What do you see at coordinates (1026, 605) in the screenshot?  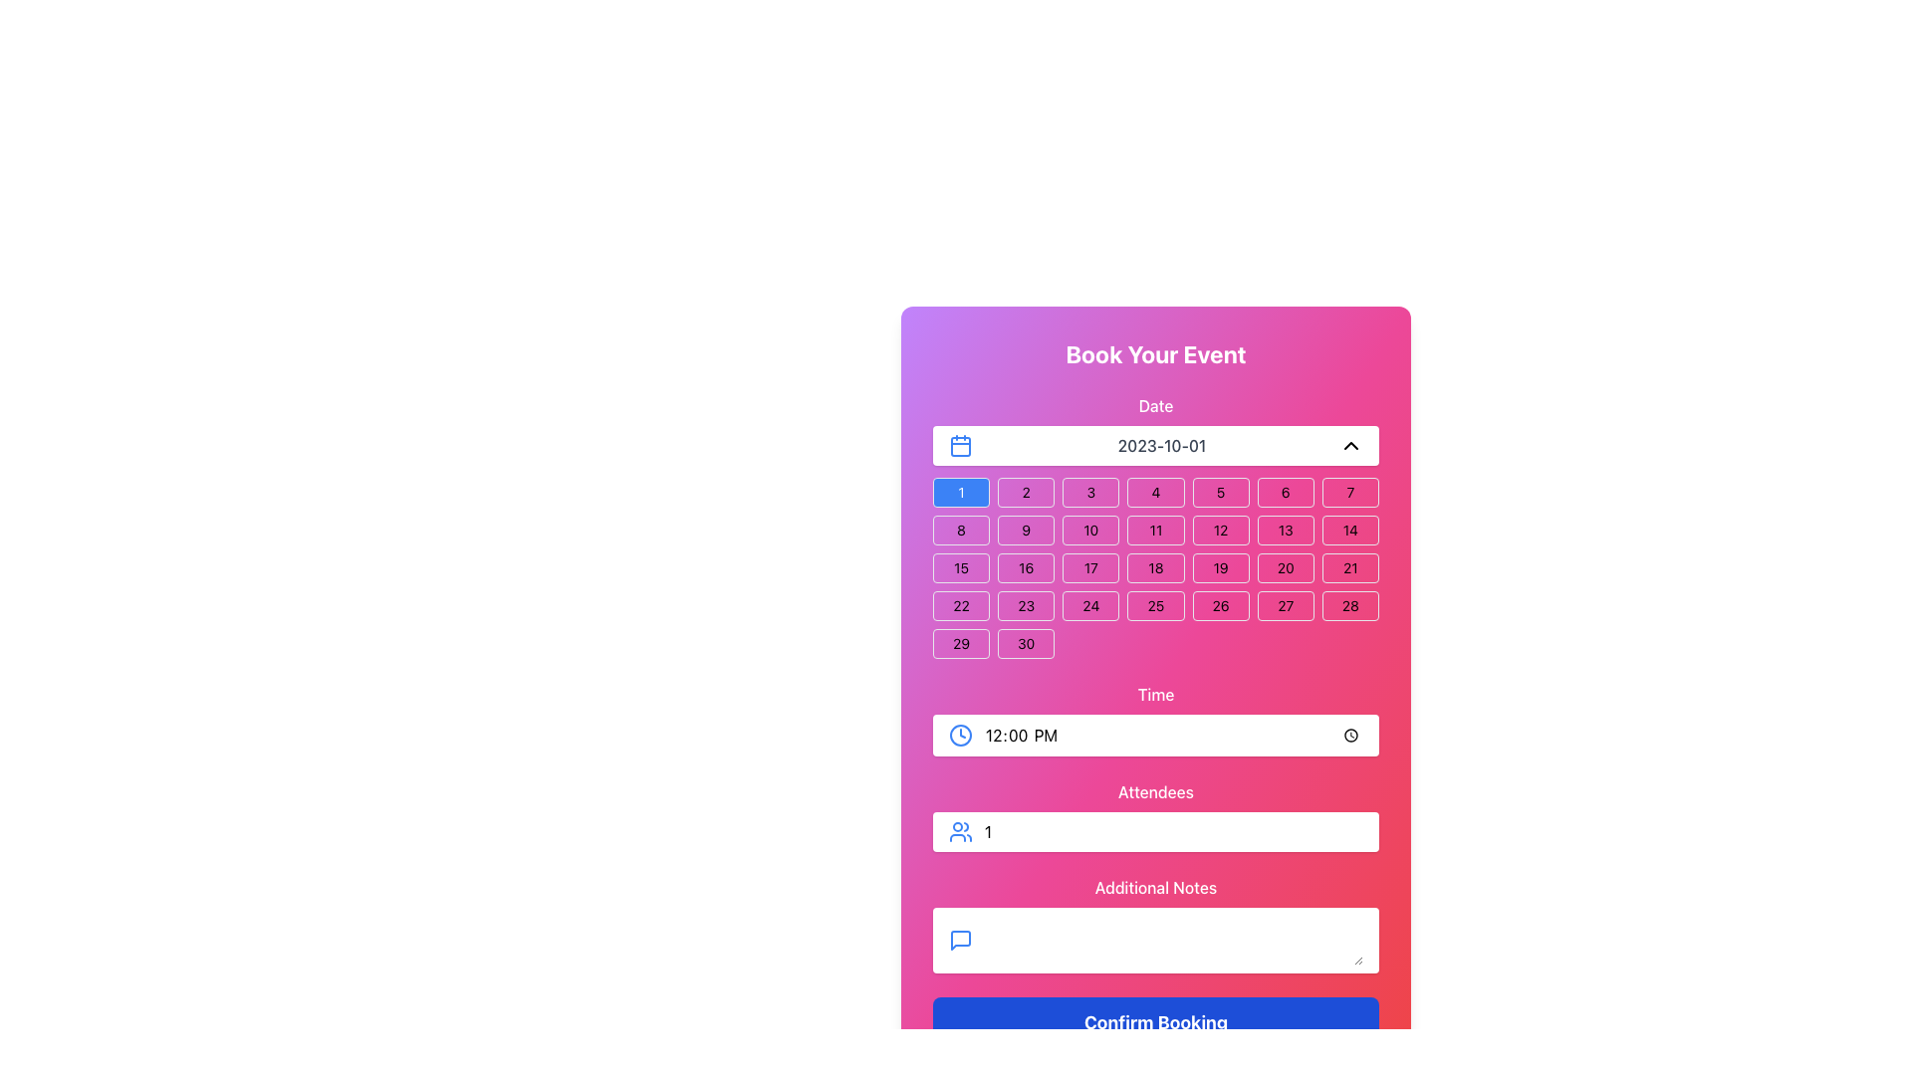 I see `the button representing the 23rd day of the month in the calendar component` at bounding box center [1026, 605].